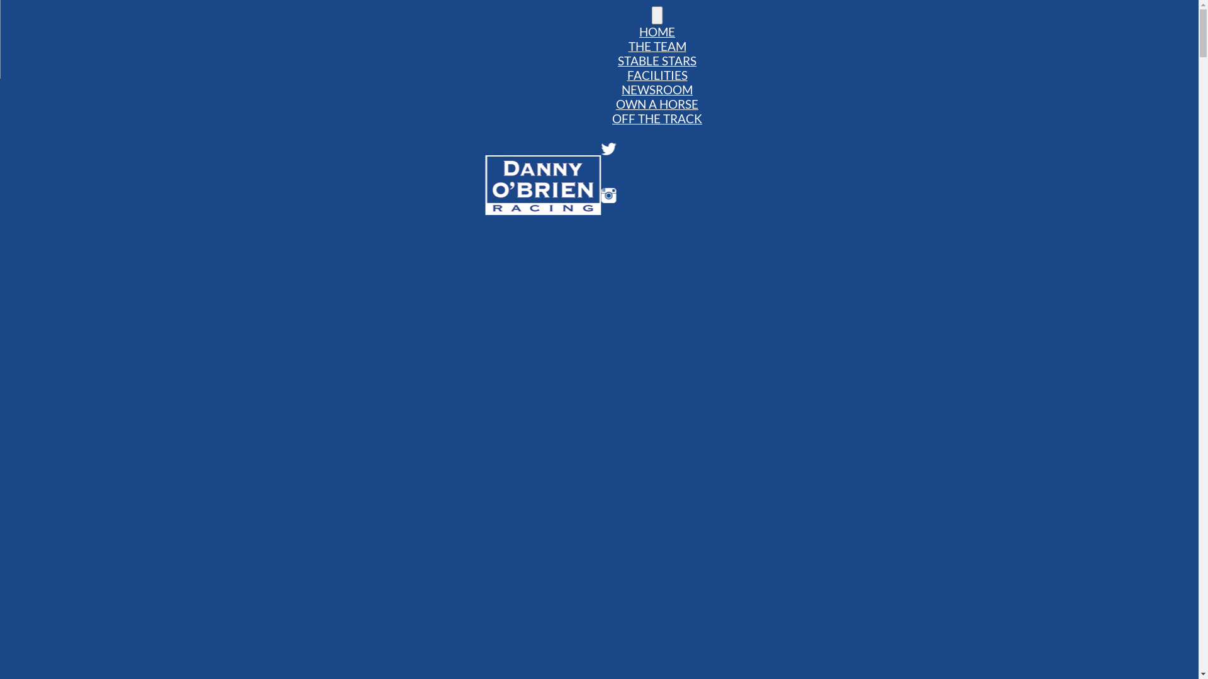 This screenshot has width=1208, height=679. What do you see at coordinates (656, 103) in the screenshot?
I see `'OWN A HORSE'` at bounding box center [656, 103].